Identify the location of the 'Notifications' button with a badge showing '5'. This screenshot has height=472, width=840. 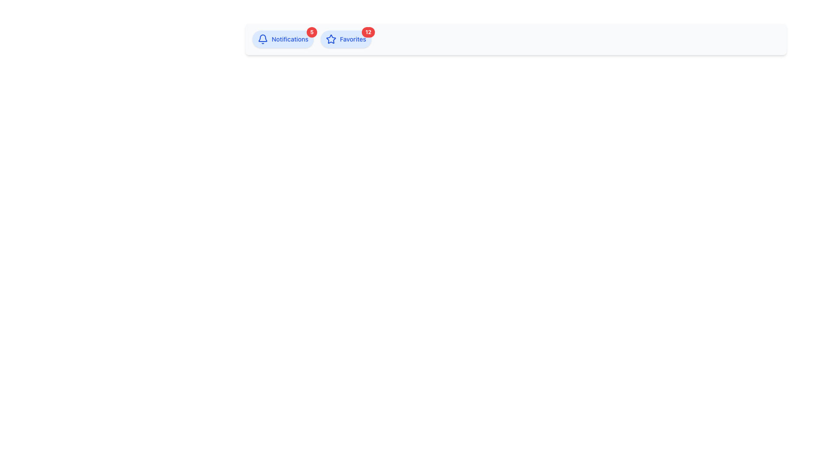
(283, 38).